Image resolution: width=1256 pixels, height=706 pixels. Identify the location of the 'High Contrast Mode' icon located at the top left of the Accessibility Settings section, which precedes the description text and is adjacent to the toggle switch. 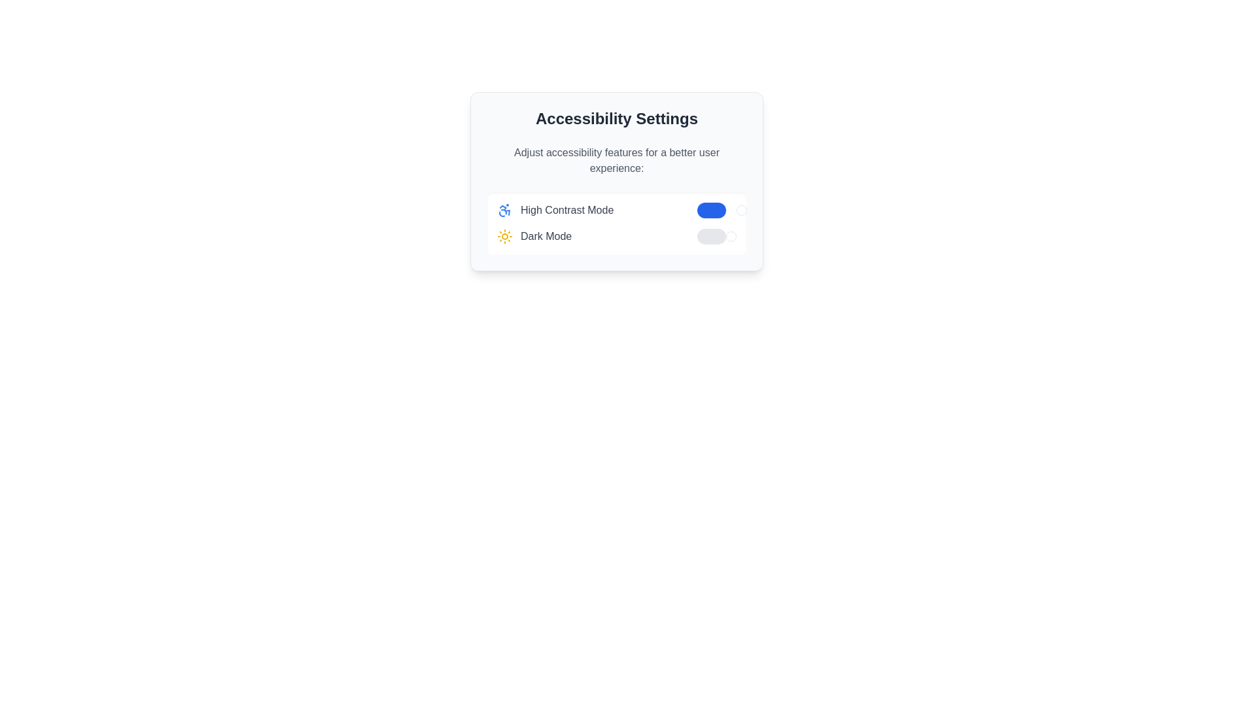
(504, 209).